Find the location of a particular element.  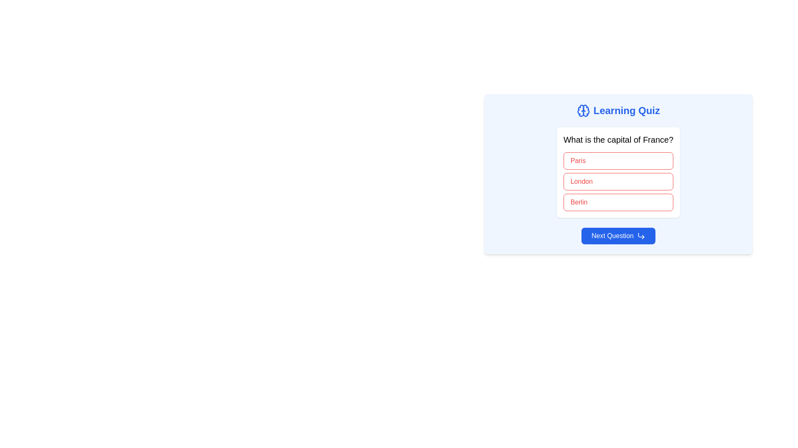

the selectable button labeled 'London' with a red border is located at coordinates (618, 174).